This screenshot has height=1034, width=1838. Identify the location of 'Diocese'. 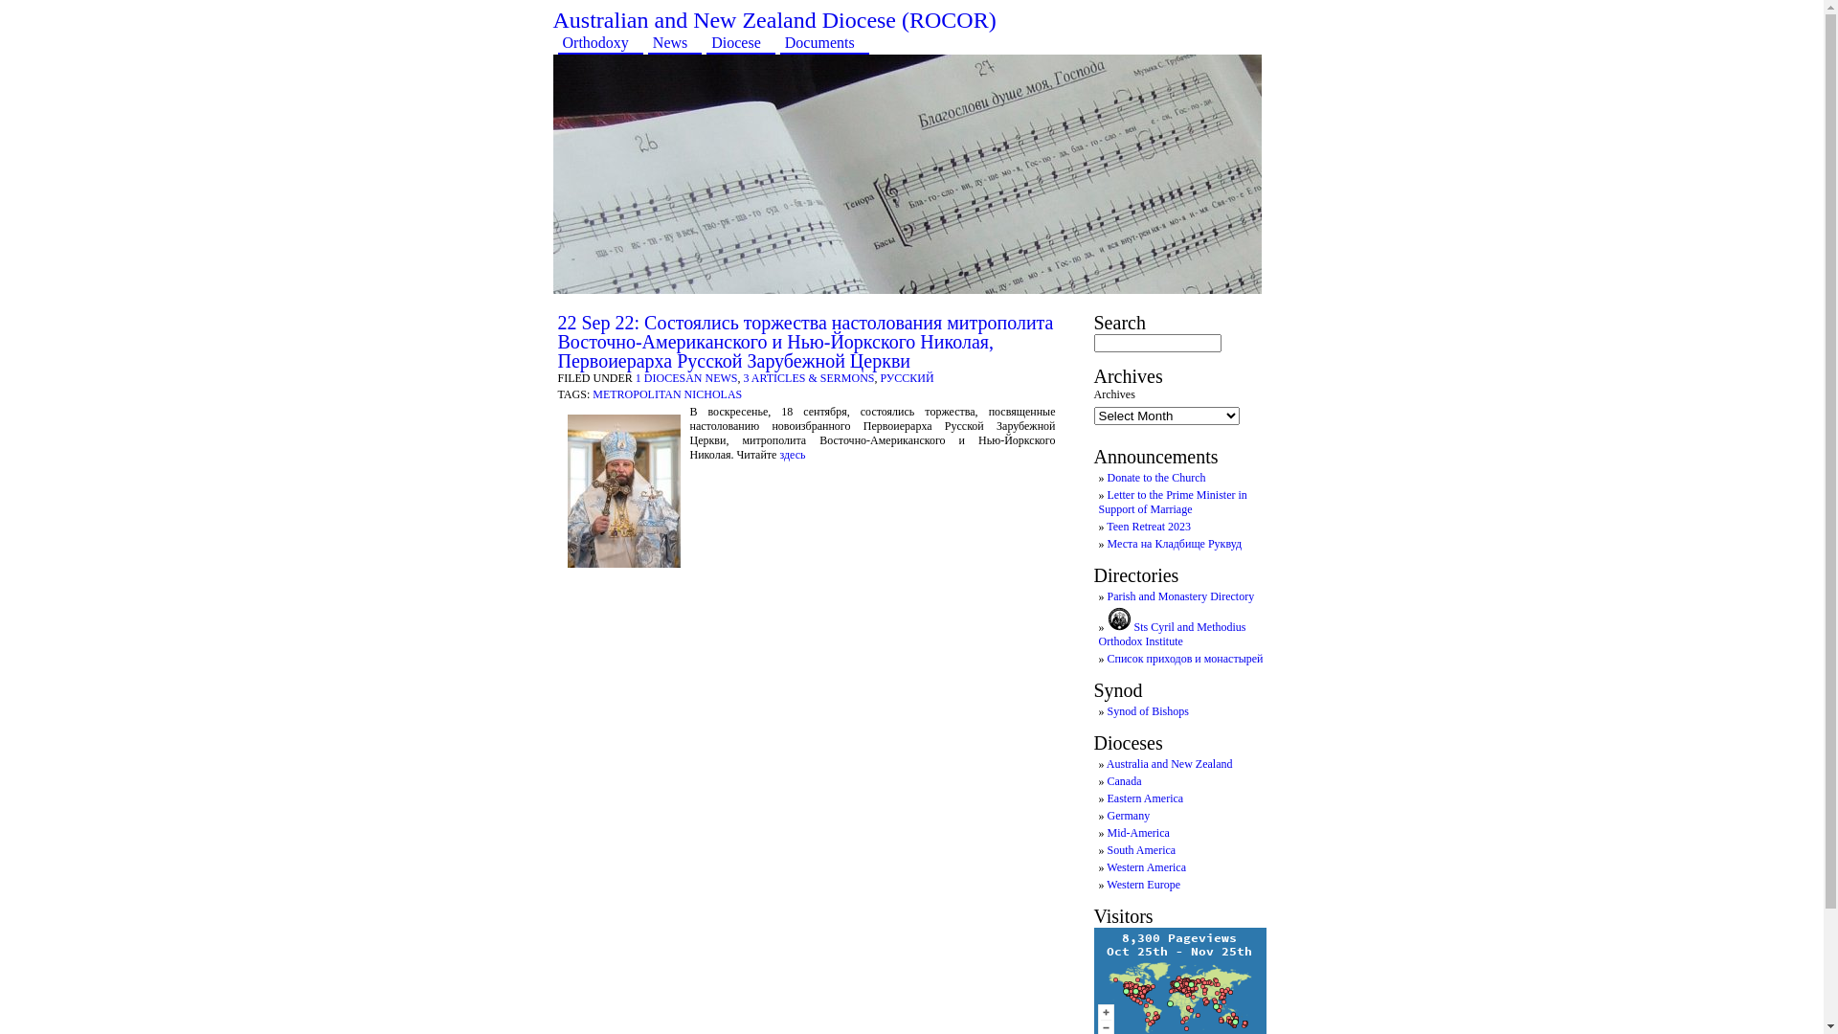
(739, 42).